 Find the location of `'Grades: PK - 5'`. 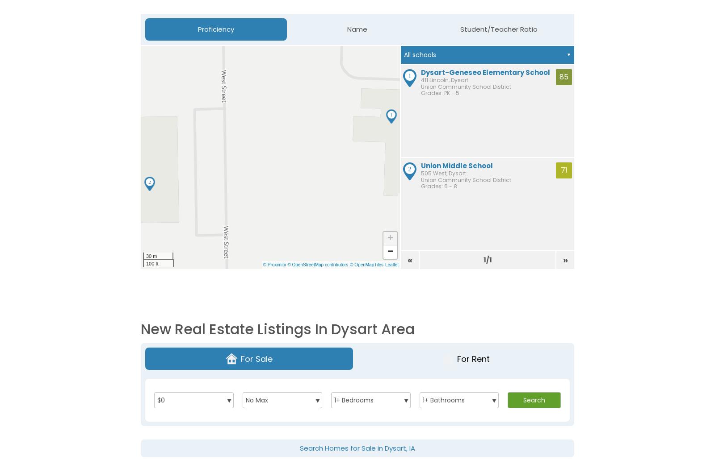

'Grades: PK - 5' is located at coordinates (439, 92).